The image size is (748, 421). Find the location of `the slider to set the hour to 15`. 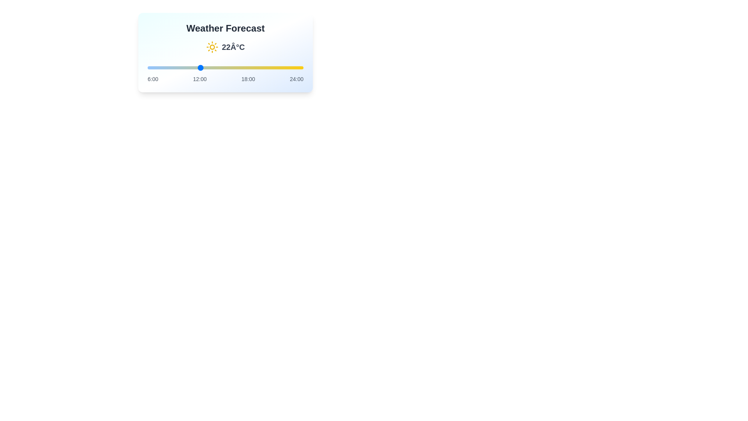

the slider to set the hour to 15 is located at coordinates (225, 67).